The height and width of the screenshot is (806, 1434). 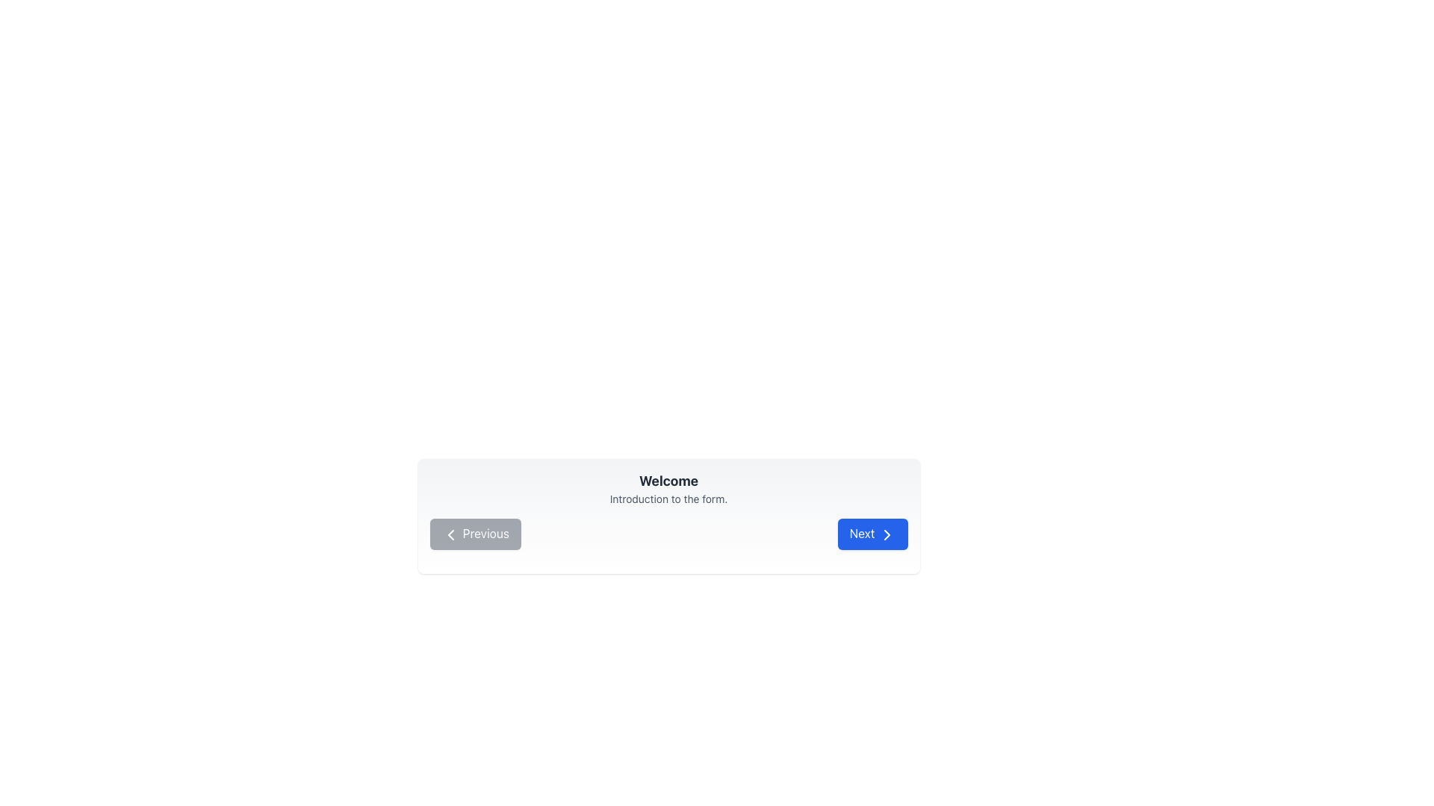 What do you see at coordinates (668, 481) in the screenshot?
I see `the static text element that serves as the header for the content, which displays 'Welcome'` at bounding box center [668, 481].